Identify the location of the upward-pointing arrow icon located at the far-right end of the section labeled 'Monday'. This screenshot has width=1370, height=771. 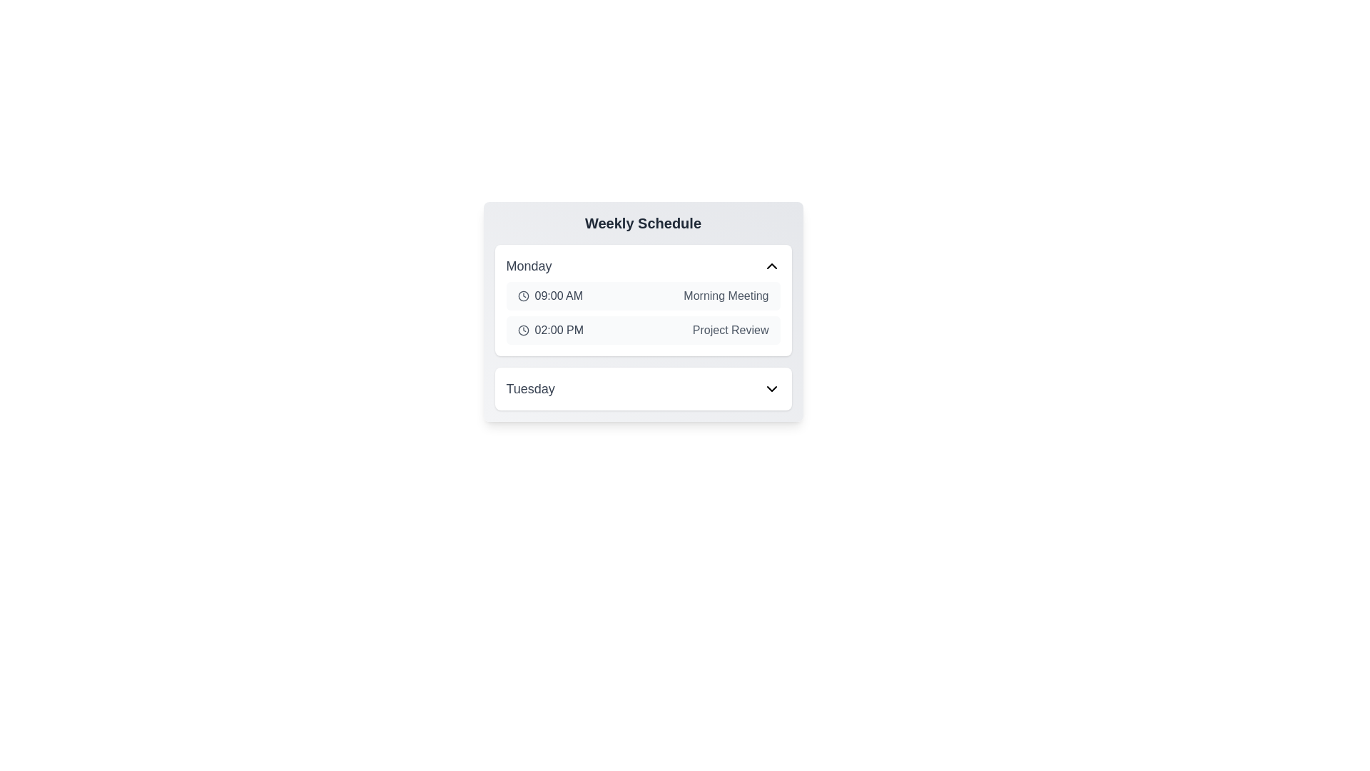
(771, 266).